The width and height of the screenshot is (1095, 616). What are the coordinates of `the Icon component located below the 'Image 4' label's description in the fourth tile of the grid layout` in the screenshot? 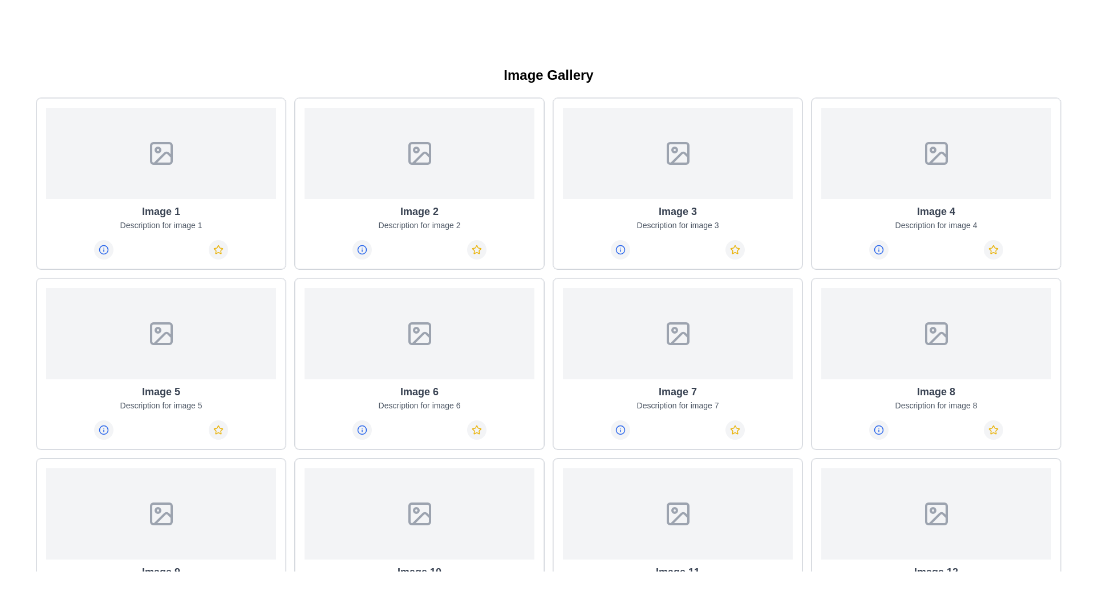 It's located at (878, 249).